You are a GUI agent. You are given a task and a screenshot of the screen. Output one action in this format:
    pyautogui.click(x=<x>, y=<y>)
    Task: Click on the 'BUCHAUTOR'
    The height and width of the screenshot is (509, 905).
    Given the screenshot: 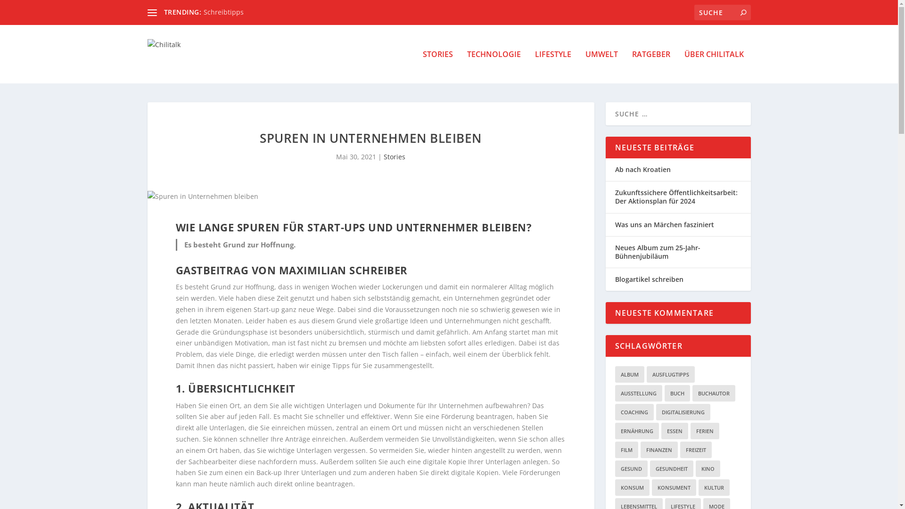 What is the action you would take?
    pyautogui.click(x=713, y=393)
    